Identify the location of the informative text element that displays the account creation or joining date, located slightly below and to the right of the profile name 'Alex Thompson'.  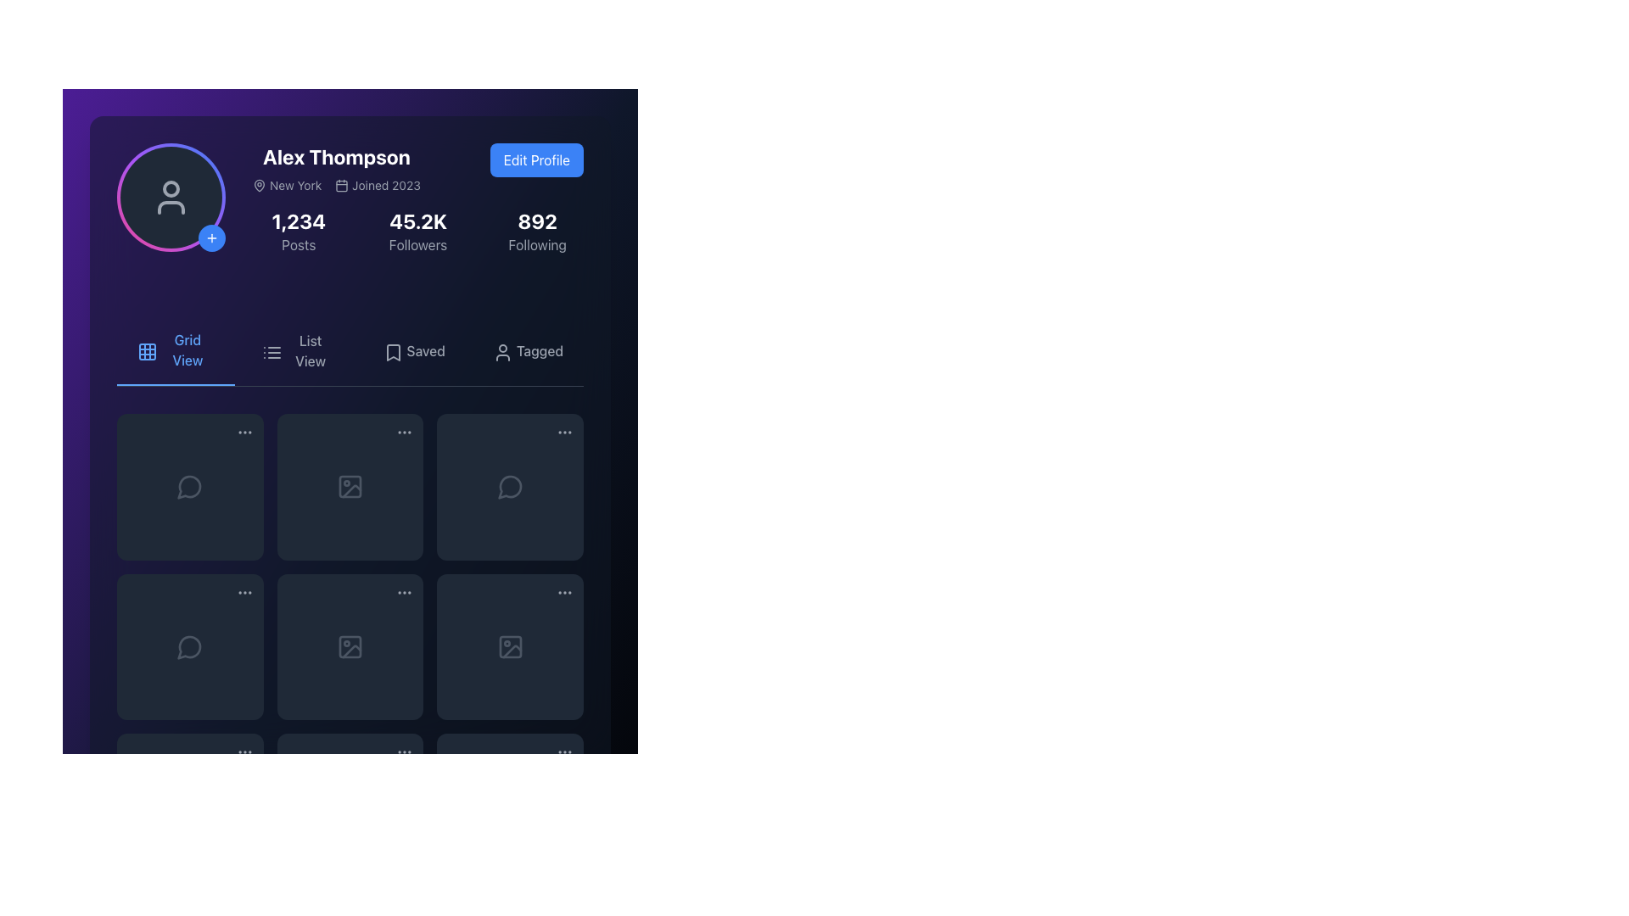
(377, 186).